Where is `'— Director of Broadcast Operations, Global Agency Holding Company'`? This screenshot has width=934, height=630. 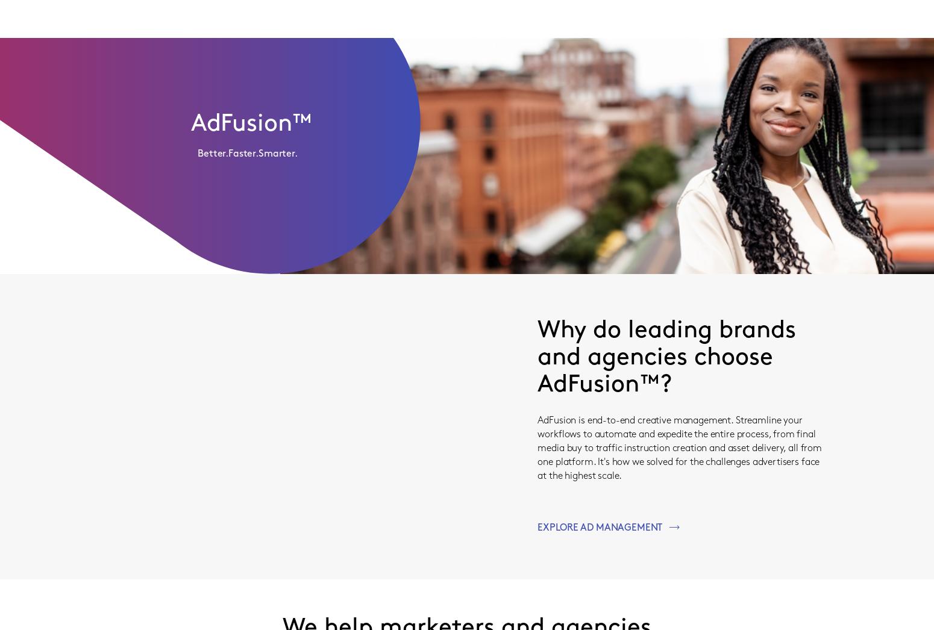
'— Director of Broadcast Operations, Global Agency Holding Company' is located at coordinates (432, 83).